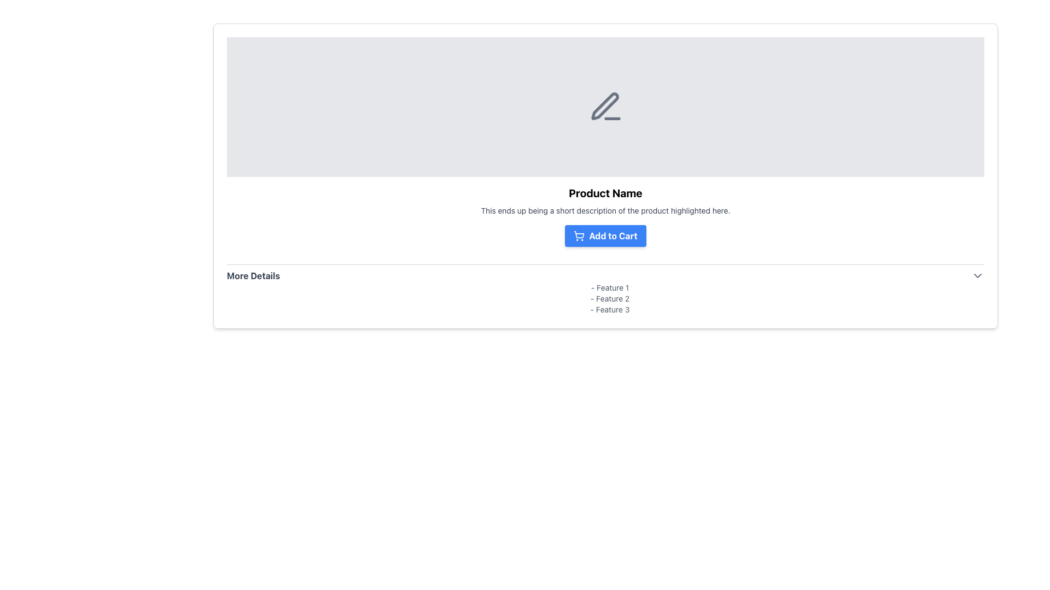 Image resolution: width=1050 pixels, height=590 pixels. Describe the element at coordinates (609, 299) in the screenshot. I see `text from the second text label displaying '- Feature 2', which is positioned in a list of features below the product description` at that location.